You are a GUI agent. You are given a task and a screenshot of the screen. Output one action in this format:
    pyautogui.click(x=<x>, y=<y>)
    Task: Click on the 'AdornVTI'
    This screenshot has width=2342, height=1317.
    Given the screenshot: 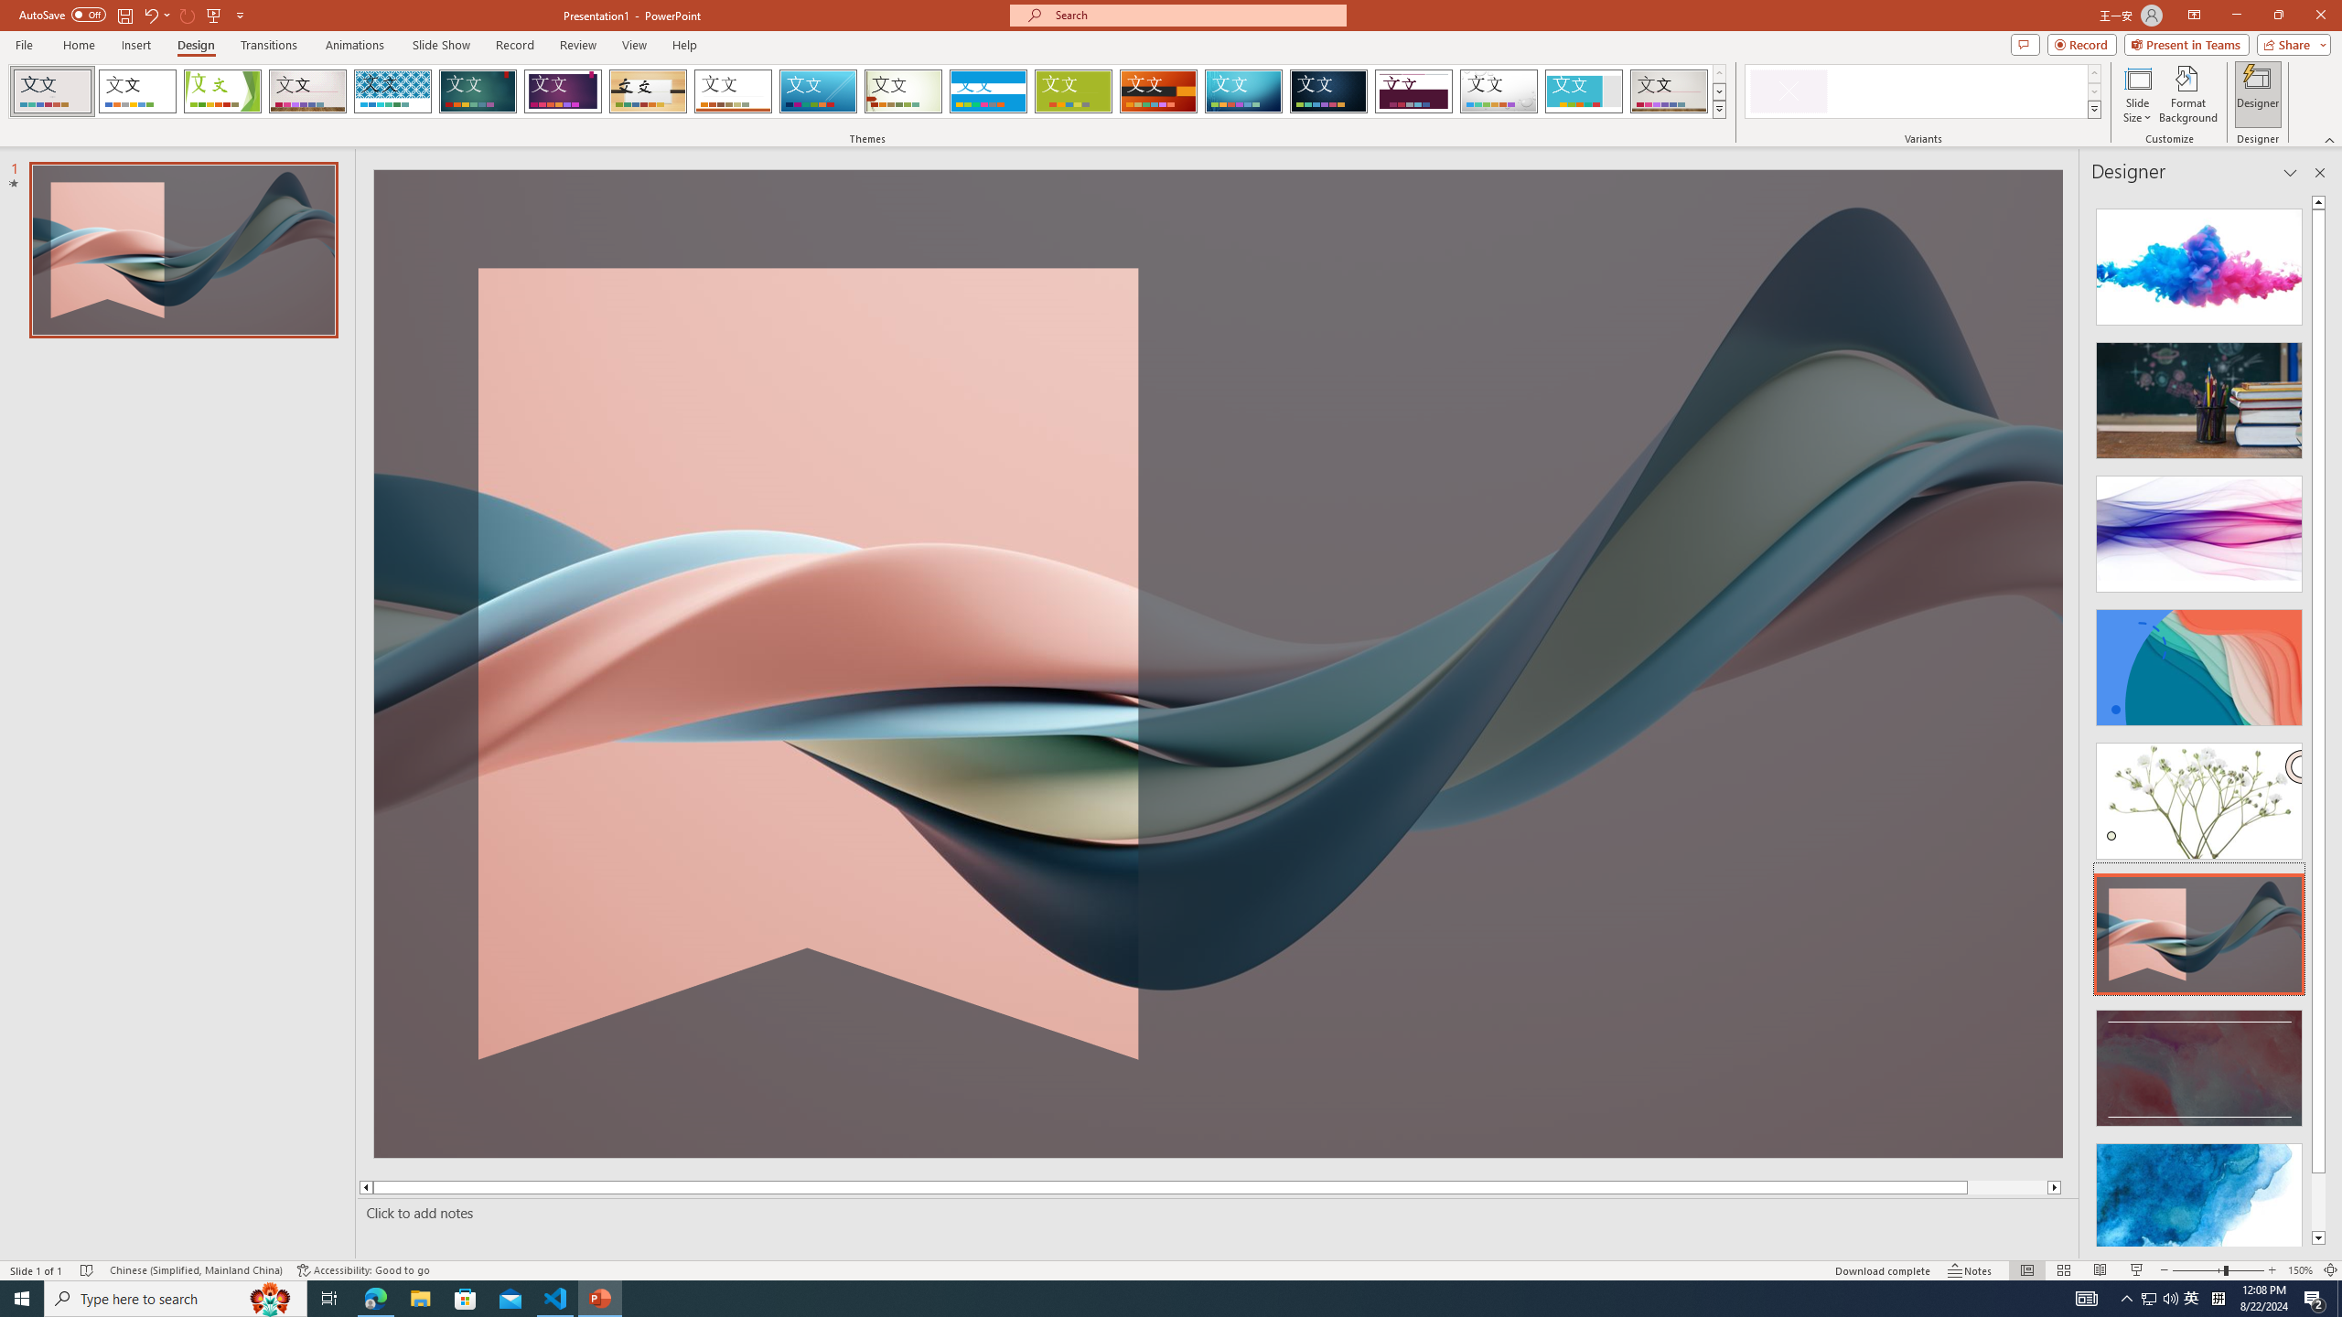 What is the action you would take?
    pyautogui.click(x=52, y=91)
    